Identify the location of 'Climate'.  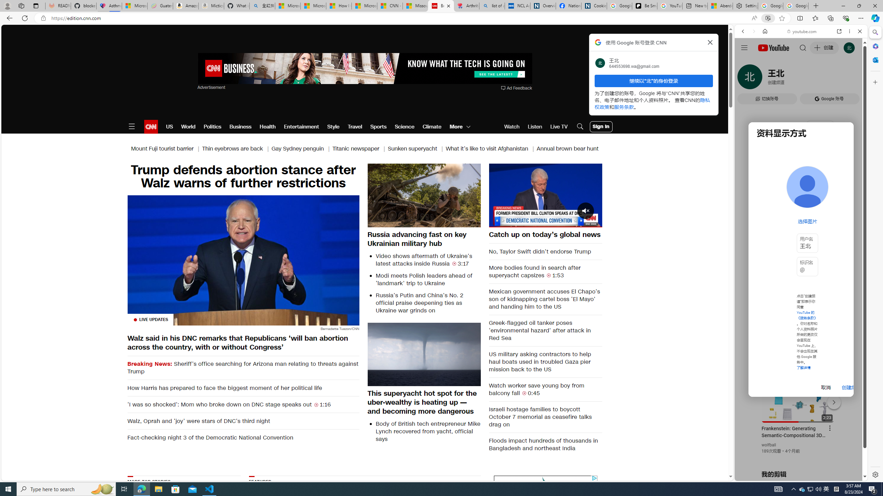
(432, 126).